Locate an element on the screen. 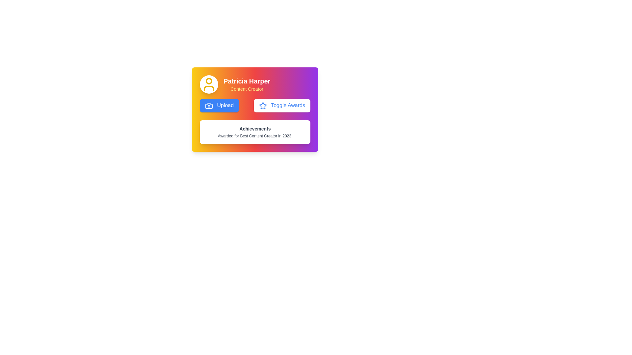 This screenshot has height=355, width=632. the rectangular button labeled 'Toggle Awards' with a white background and blue text, featuring a star icon to the left is located at coordinates (282, 105).